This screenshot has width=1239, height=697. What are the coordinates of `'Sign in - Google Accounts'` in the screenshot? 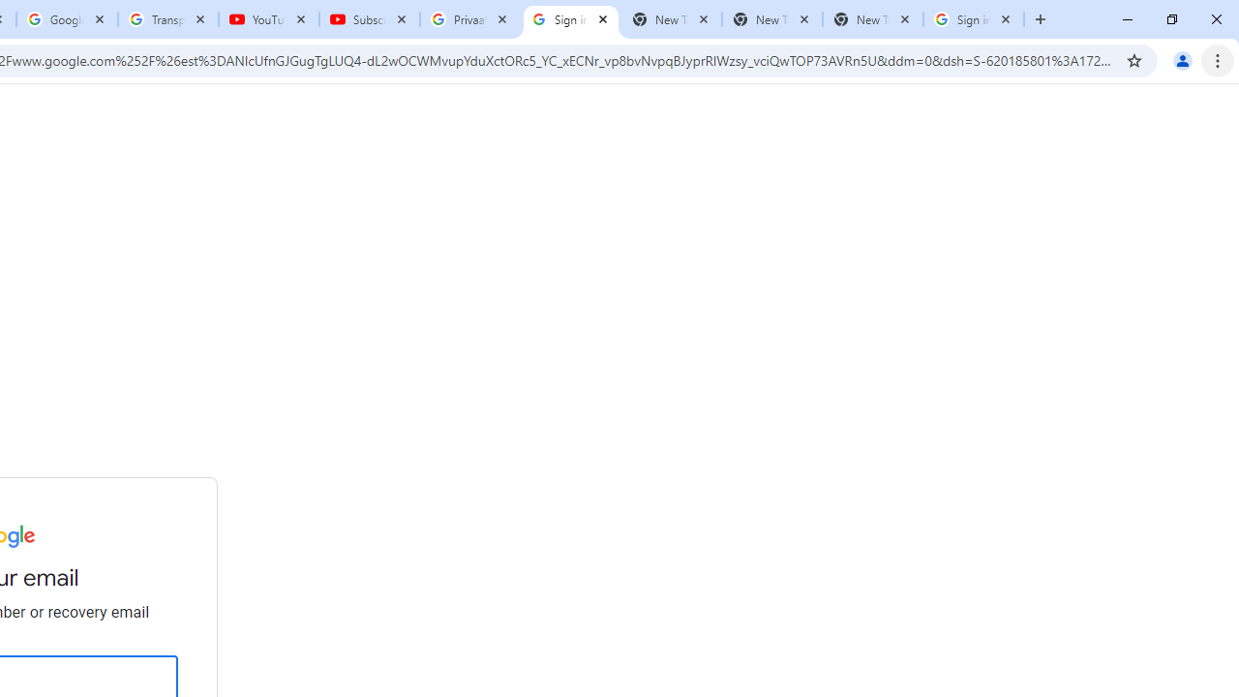 It's located at (974, 19).